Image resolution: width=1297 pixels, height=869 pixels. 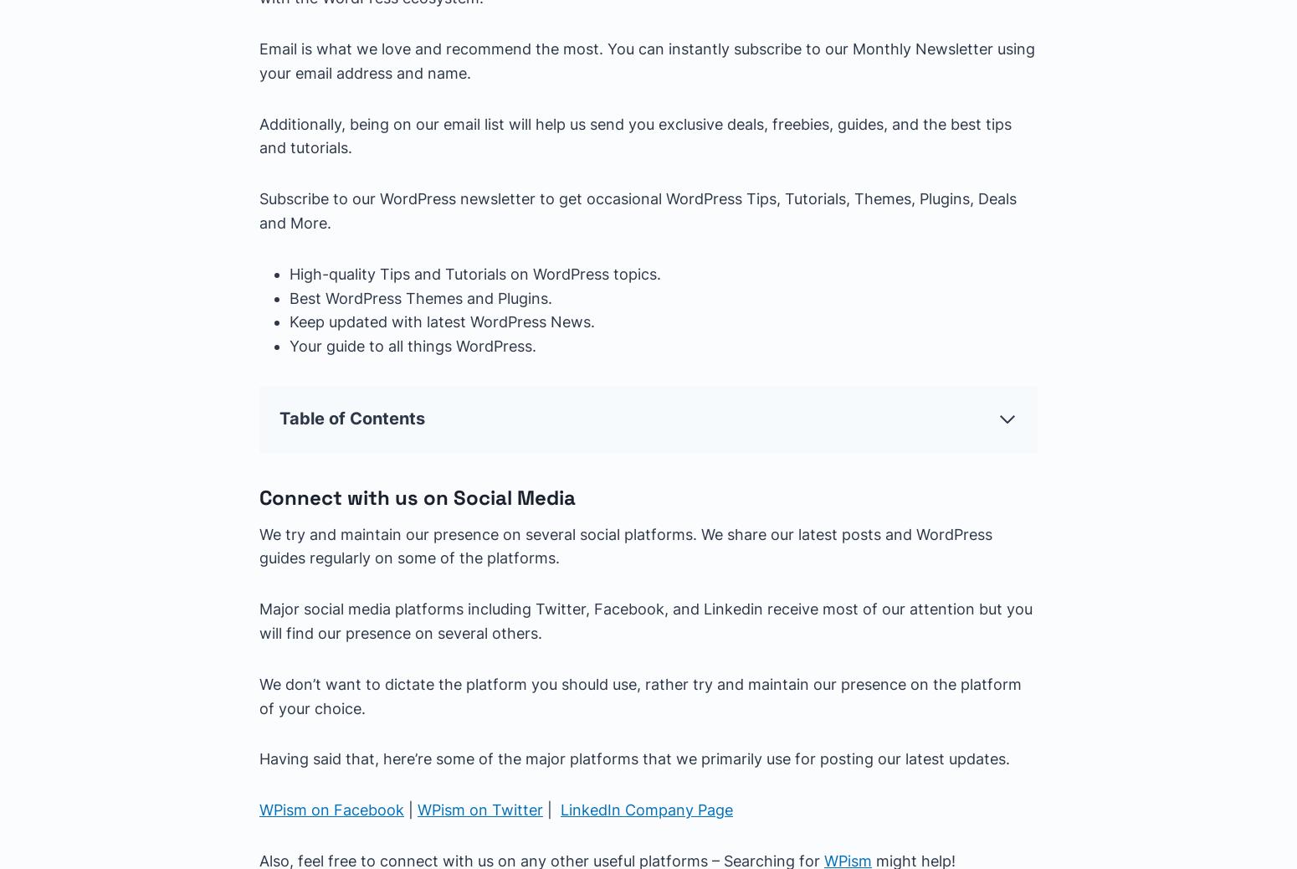 What do you see at coordinates (419, 297) in the screenshot?
I see `'Best WordPress Themes and Plugins.'` at bounding box center [419, 297].